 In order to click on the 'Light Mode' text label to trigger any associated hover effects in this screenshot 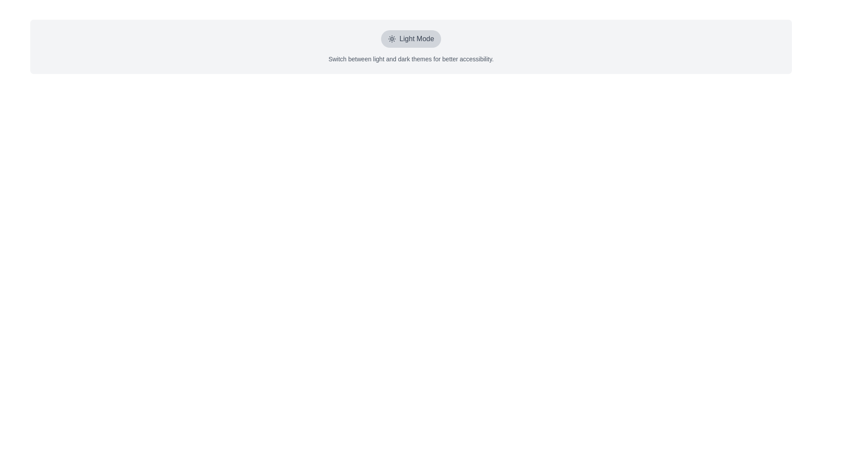, I will do `click(416, 38)`.